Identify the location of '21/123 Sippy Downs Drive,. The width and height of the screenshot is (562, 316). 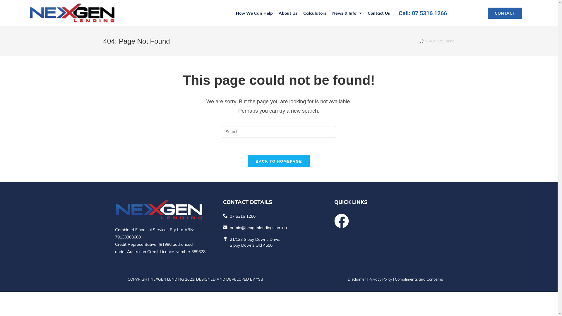
(255, 242).